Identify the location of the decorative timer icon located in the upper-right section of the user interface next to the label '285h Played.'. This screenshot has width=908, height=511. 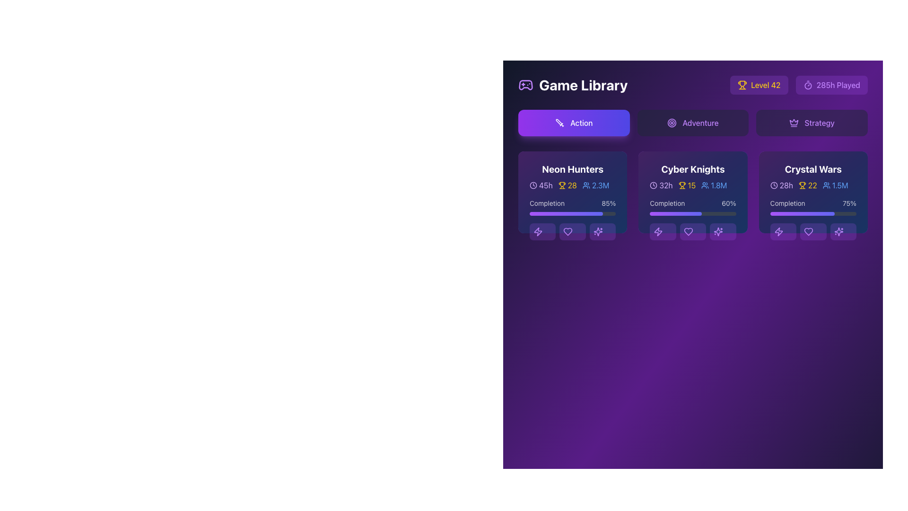
(807, 86).